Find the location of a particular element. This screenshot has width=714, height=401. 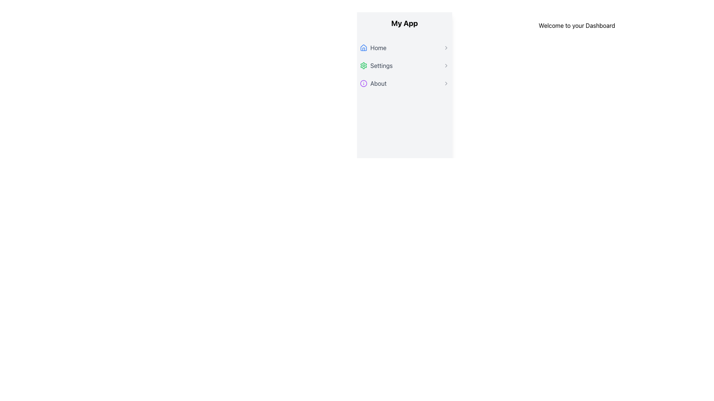

the green cogwheel-shaped icon located next to the 'Settings' text in the sidebar menu is located at coordinates (364, 65).